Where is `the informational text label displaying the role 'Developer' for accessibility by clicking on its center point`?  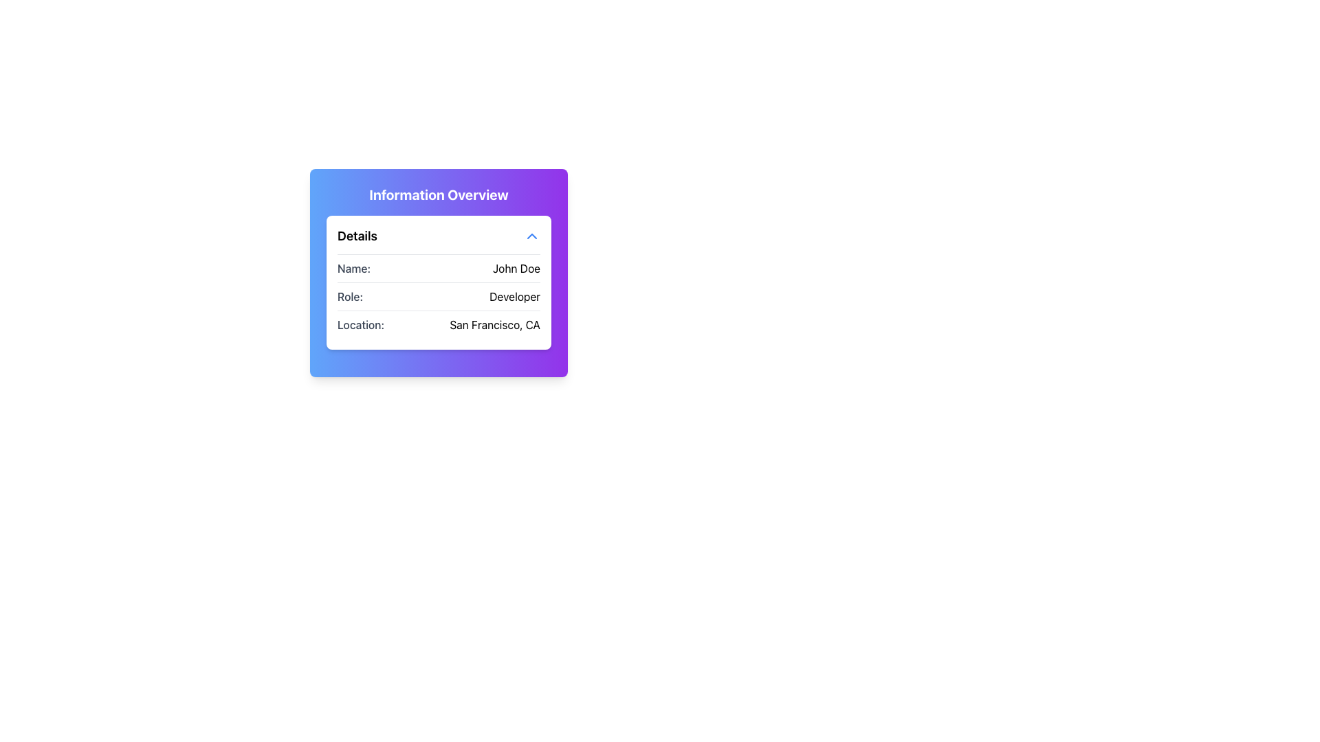 the informational text label displaying the role 'Developer' for accessibility by clicking on its center point is located at coordinates (438, 295).